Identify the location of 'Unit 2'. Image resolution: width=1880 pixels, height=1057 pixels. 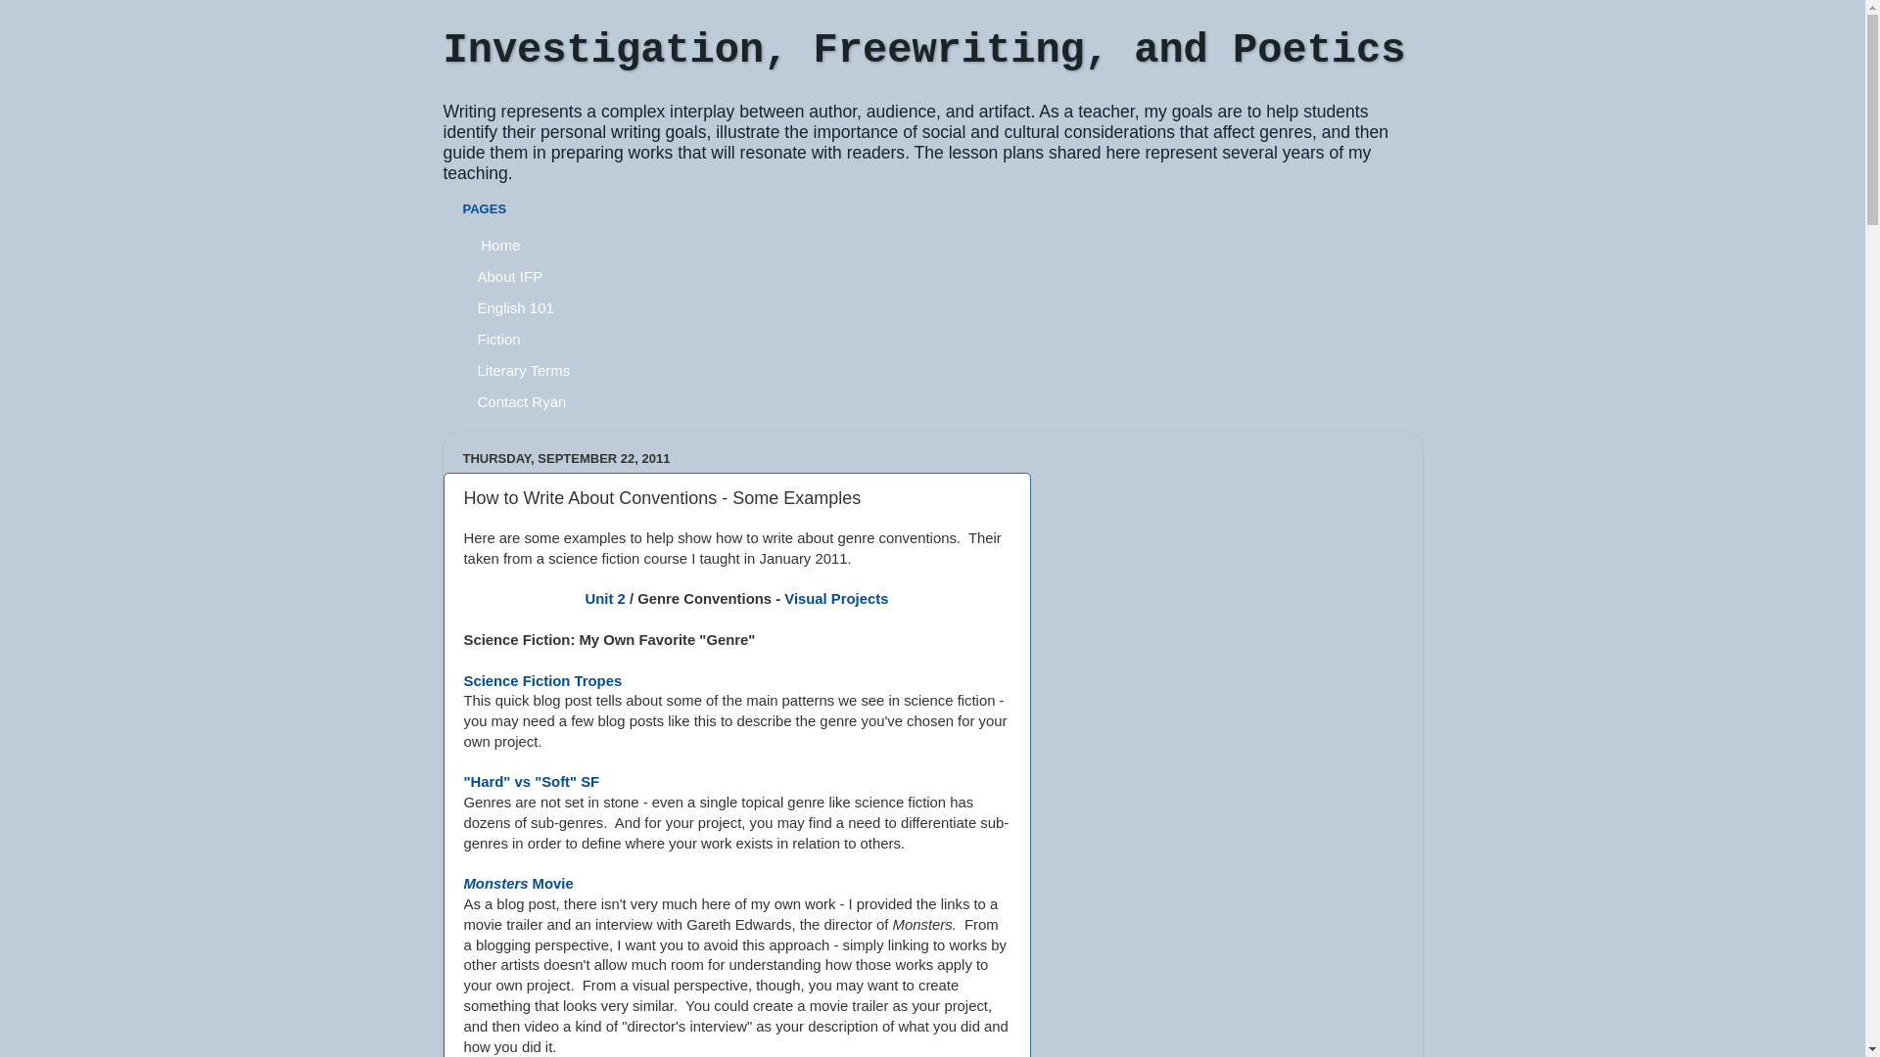
(604, 598).